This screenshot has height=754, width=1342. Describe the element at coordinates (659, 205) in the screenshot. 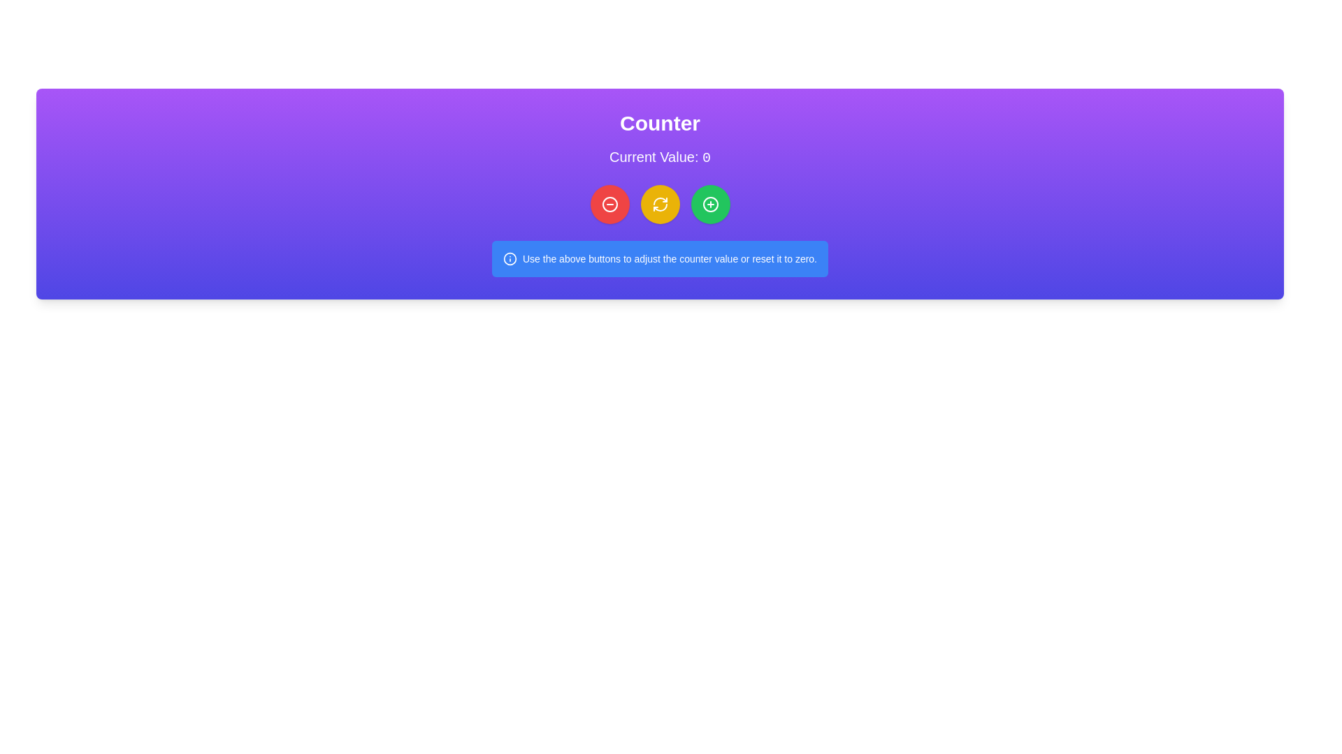

I see `the reset button, which is the second button in a group of three, to change its background color` at that location.